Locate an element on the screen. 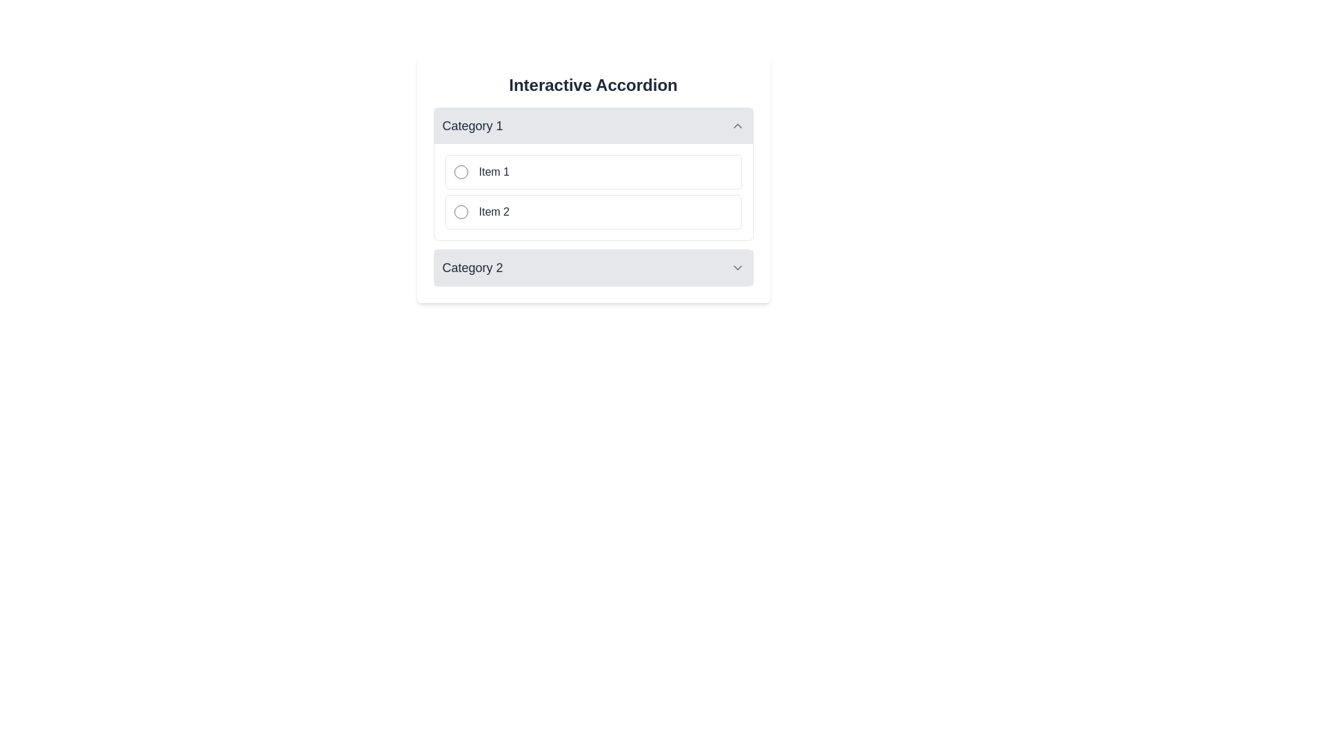 The width and height of the screenshot is (1324, 744). the upward-pointing chevron icon located at the far-right end of 'Category 1' header is located at coordinates (736, 125).